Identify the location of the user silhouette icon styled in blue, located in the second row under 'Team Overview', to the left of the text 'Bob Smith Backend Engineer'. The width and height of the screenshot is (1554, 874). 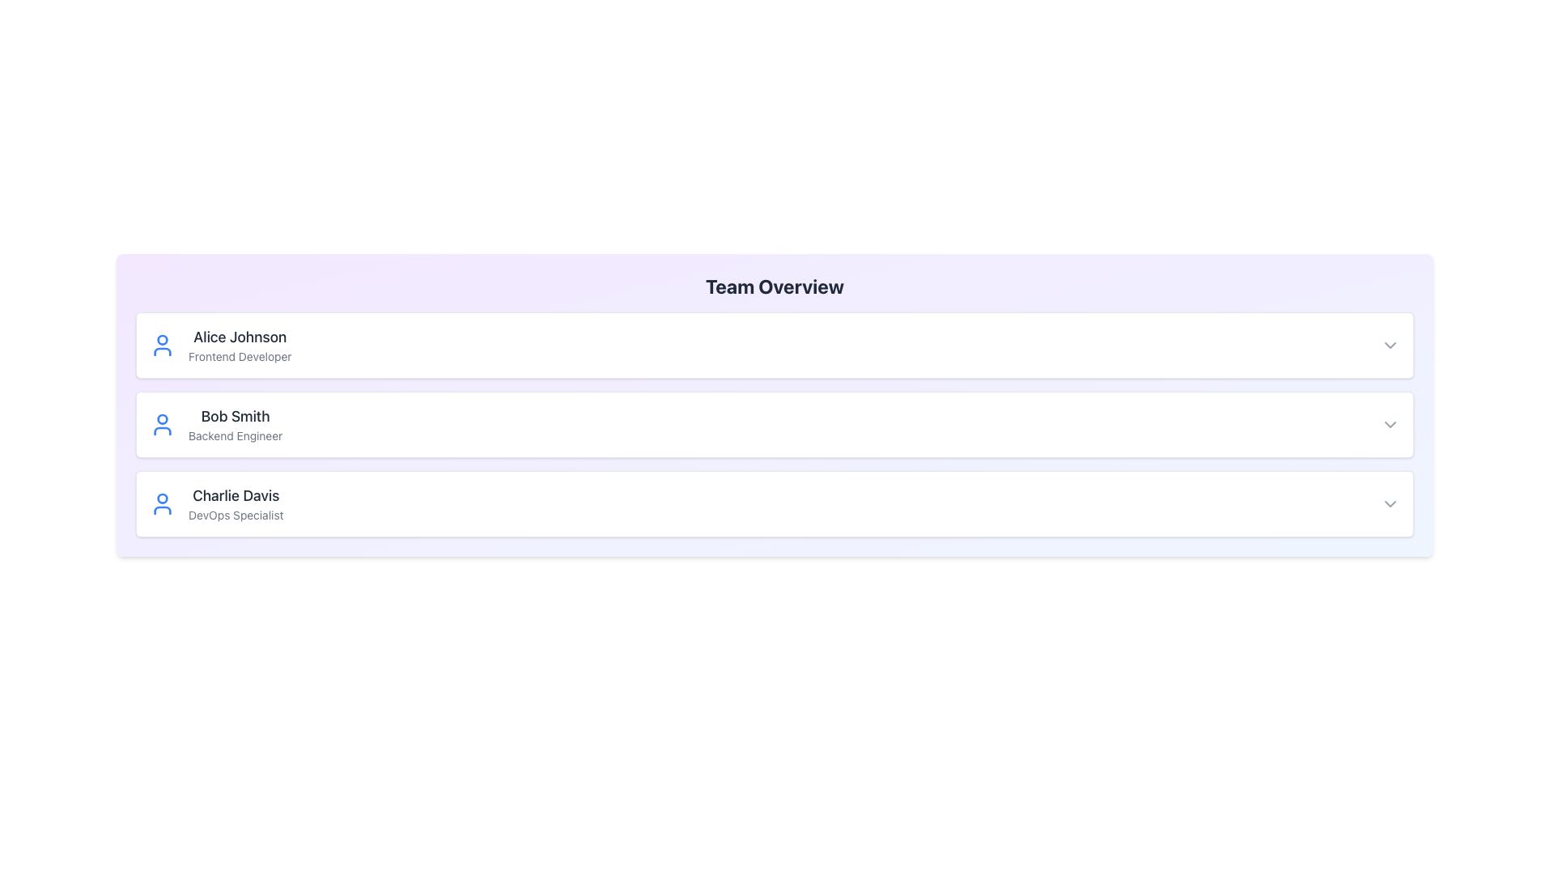
(163, 423).